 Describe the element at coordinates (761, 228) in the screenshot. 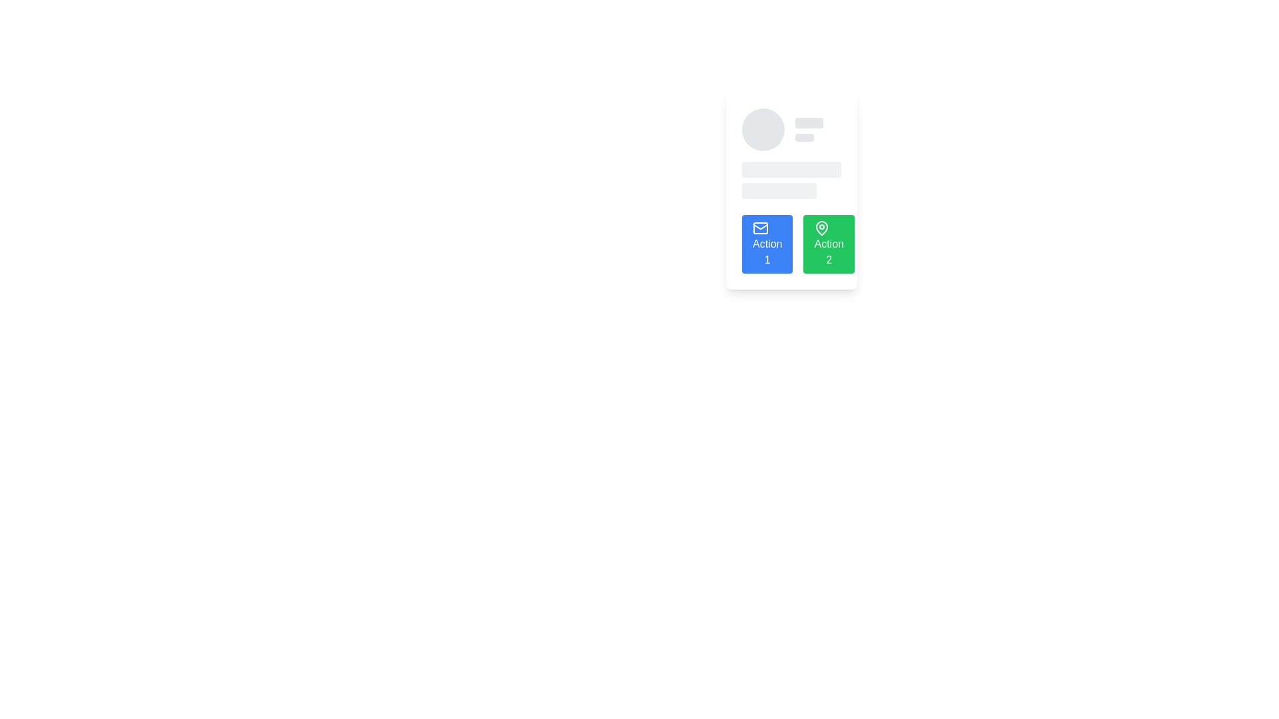

I see `the email action button located at the bottom of the card component` at that location.